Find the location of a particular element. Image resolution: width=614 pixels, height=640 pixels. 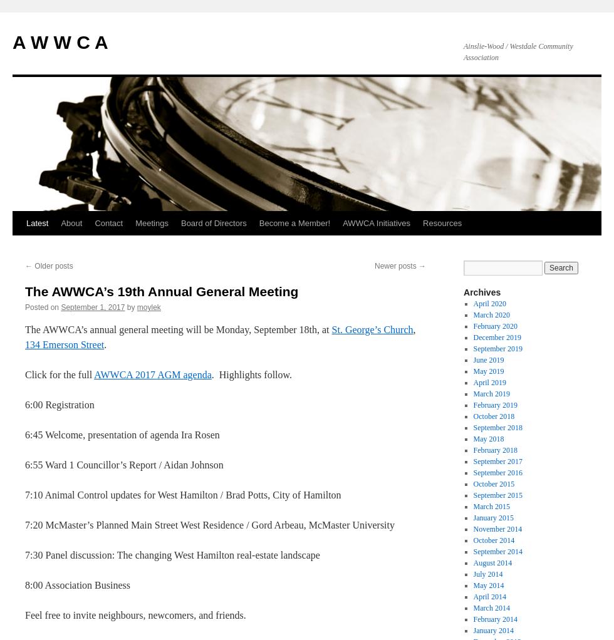

'September 2018' is located at coordinates (497, 427).